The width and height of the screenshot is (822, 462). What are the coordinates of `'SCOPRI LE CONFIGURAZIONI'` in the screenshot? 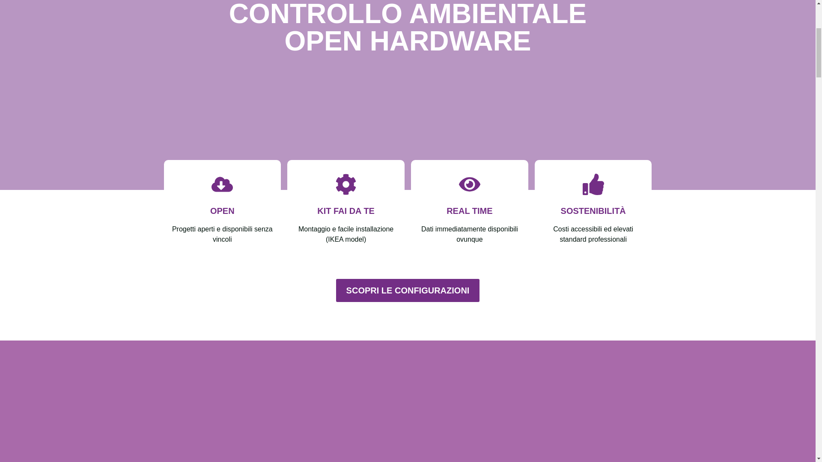 It's located at (408, 290).